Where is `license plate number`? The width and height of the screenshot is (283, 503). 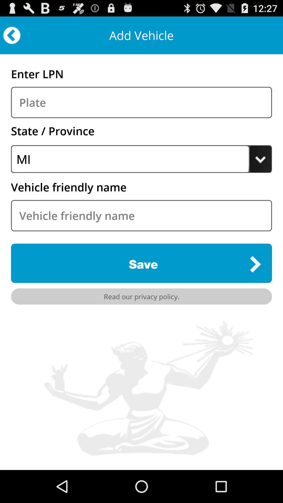
license plate number is located at coordinates (141, 102).